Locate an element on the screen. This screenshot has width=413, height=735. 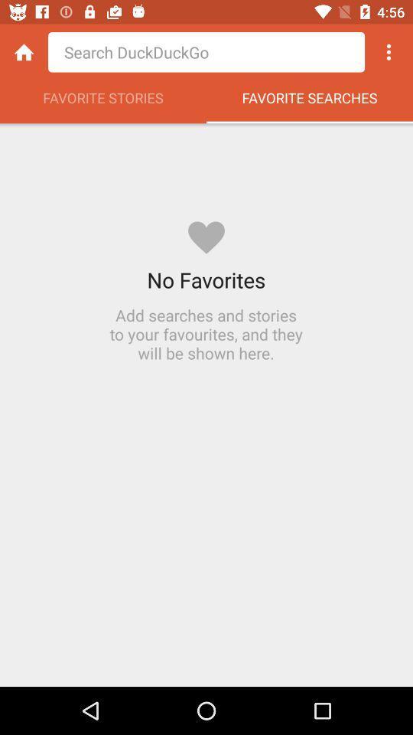
search field is located at coordinates (206, 52).